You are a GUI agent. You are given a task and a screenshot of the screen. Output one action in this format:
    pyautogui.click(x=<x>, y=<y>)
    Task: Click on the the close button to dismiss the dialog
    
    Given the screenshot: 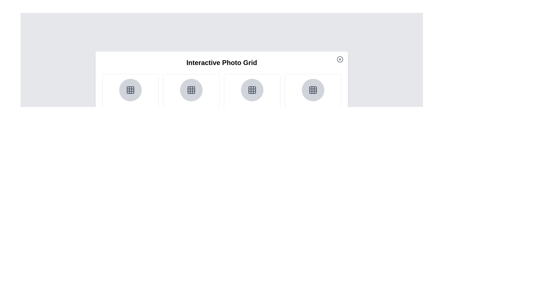 What is the action you would take?
    pyautogui.click(x=340, y=59)
    